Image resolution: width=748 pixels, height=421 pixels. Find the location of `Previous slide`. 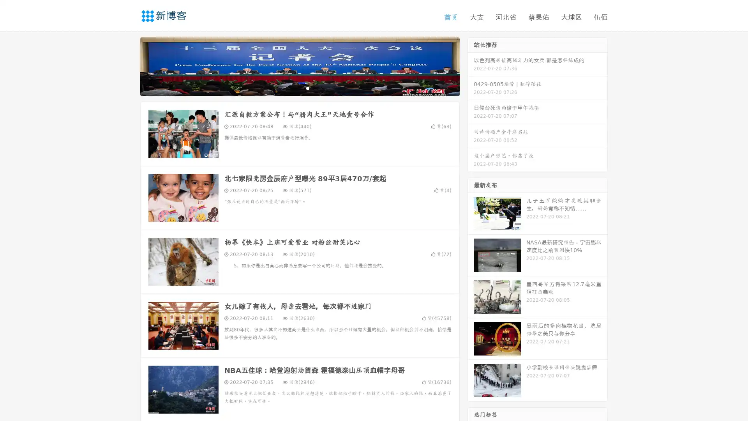

Previous slide is located at coordinates (129, 65).